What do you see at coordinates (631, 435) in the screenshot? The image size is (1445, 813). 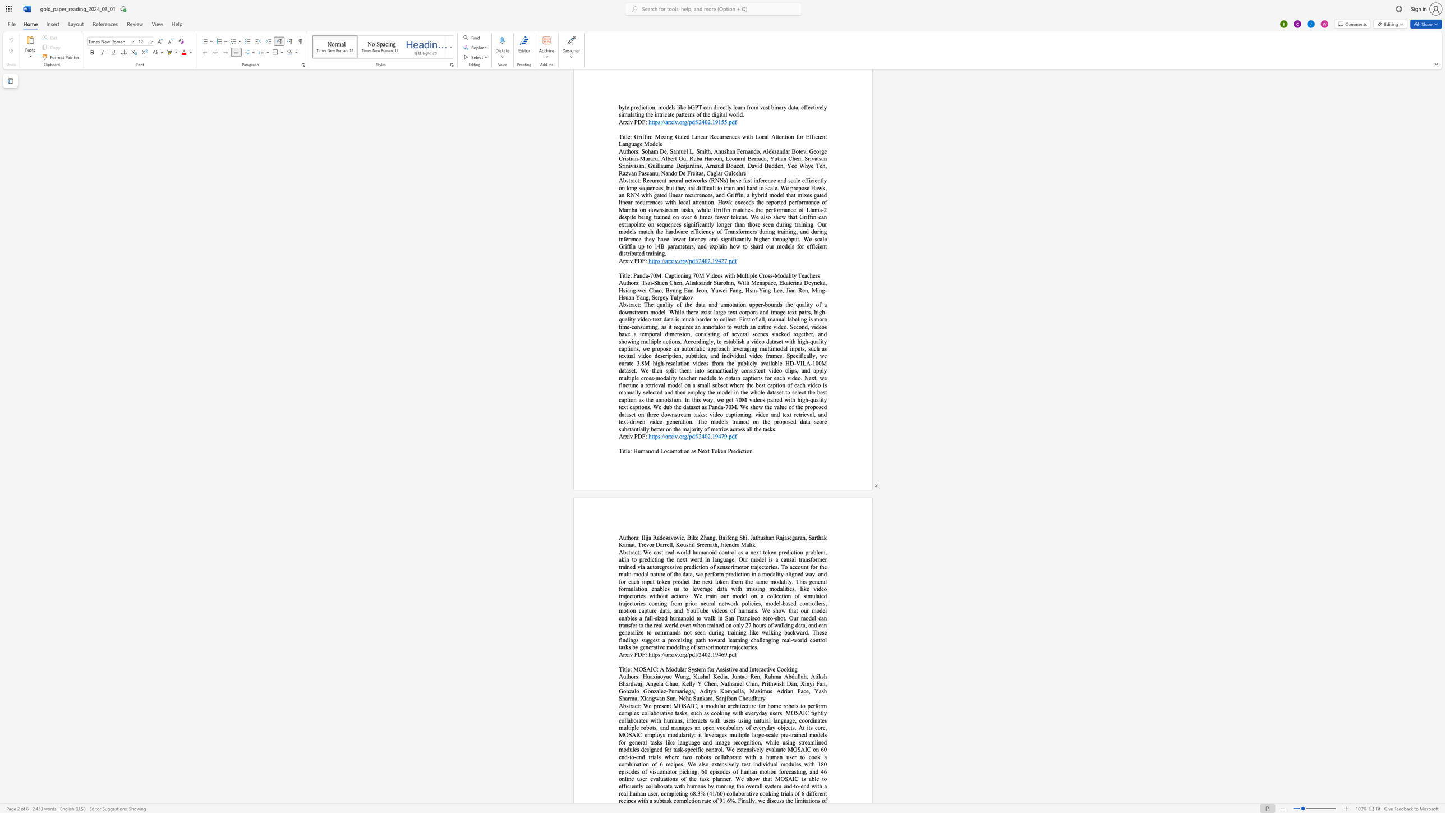 I see `the 1th character "v" in the text` at bounding box center [631, 435].